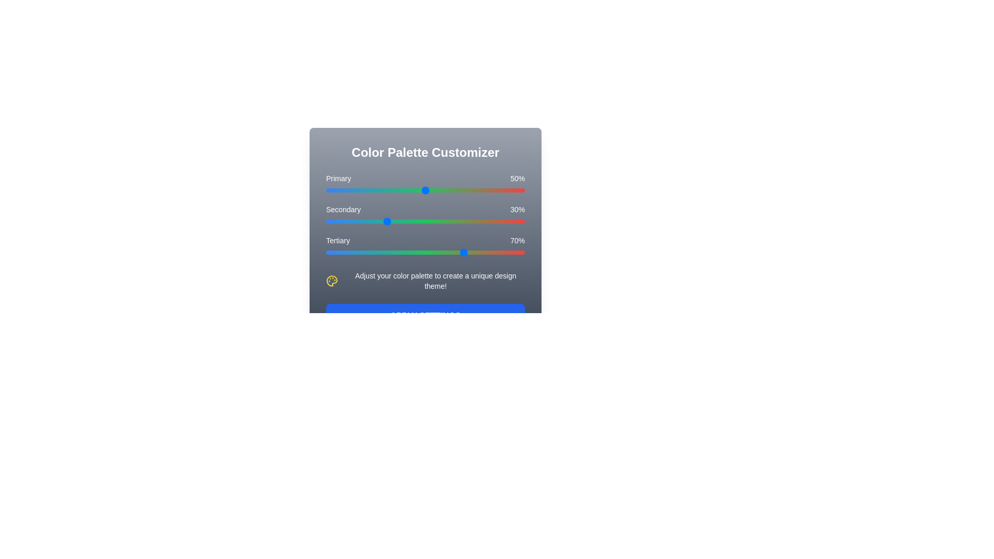 The image size is (994, 559). What do you see at coordinates (405, 253) in the screenshot?
I see `the tertiary slider` at bounding box center [405, 253].